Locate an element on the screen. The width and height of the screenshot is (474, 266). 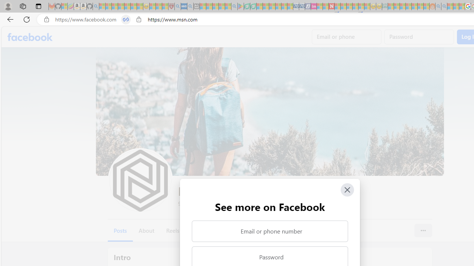
'Refresh' is located at coordinates (27, 19).